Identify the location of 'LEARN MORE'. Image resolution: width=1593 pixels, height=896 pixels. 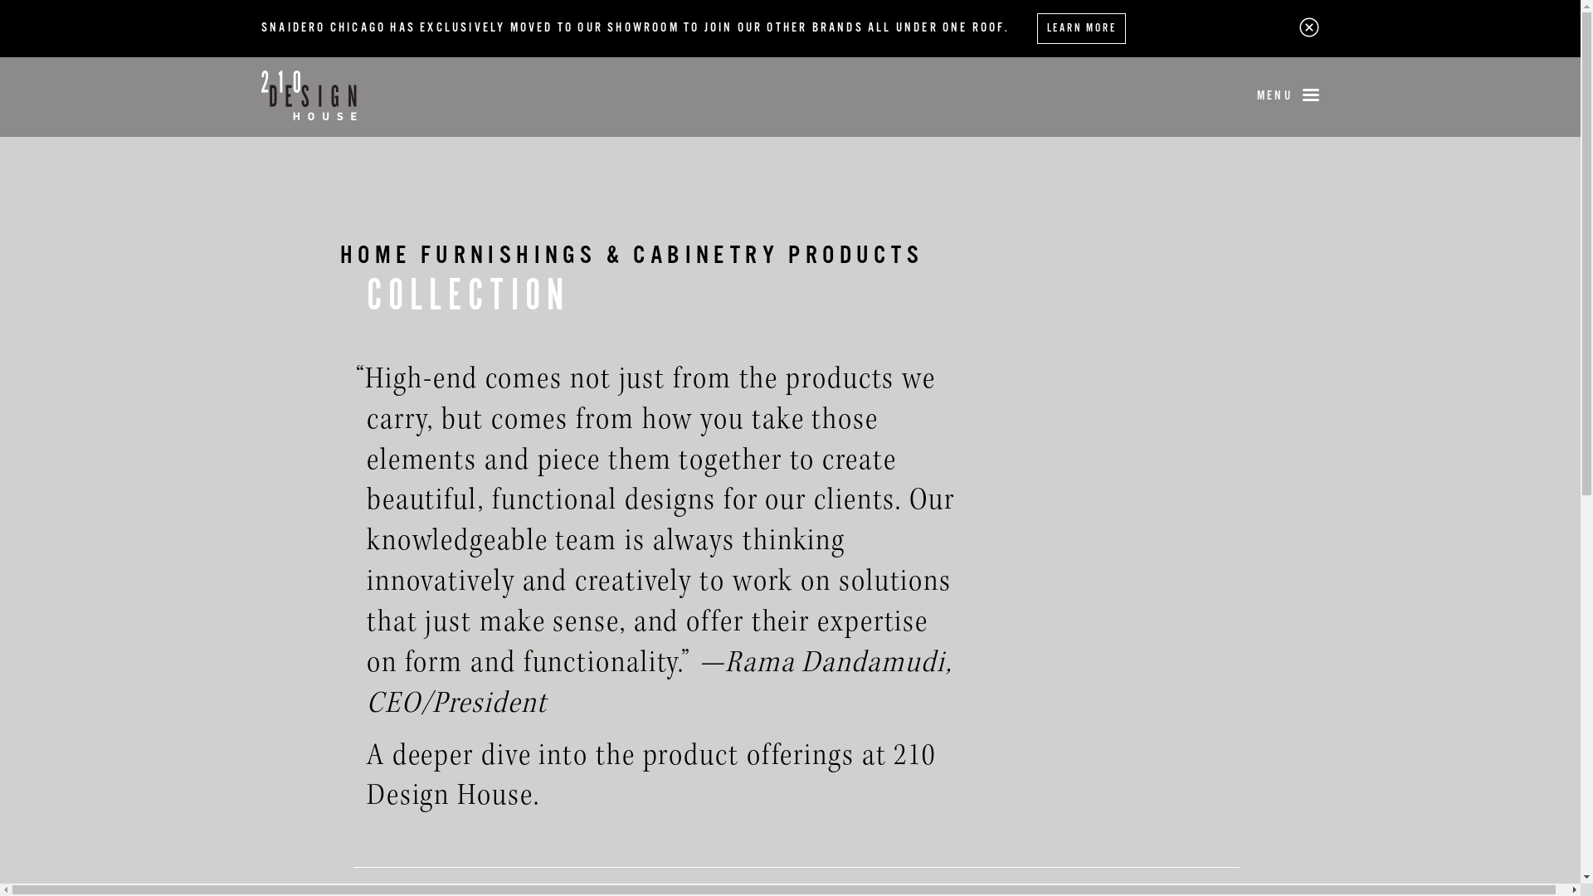
(1081, 28).